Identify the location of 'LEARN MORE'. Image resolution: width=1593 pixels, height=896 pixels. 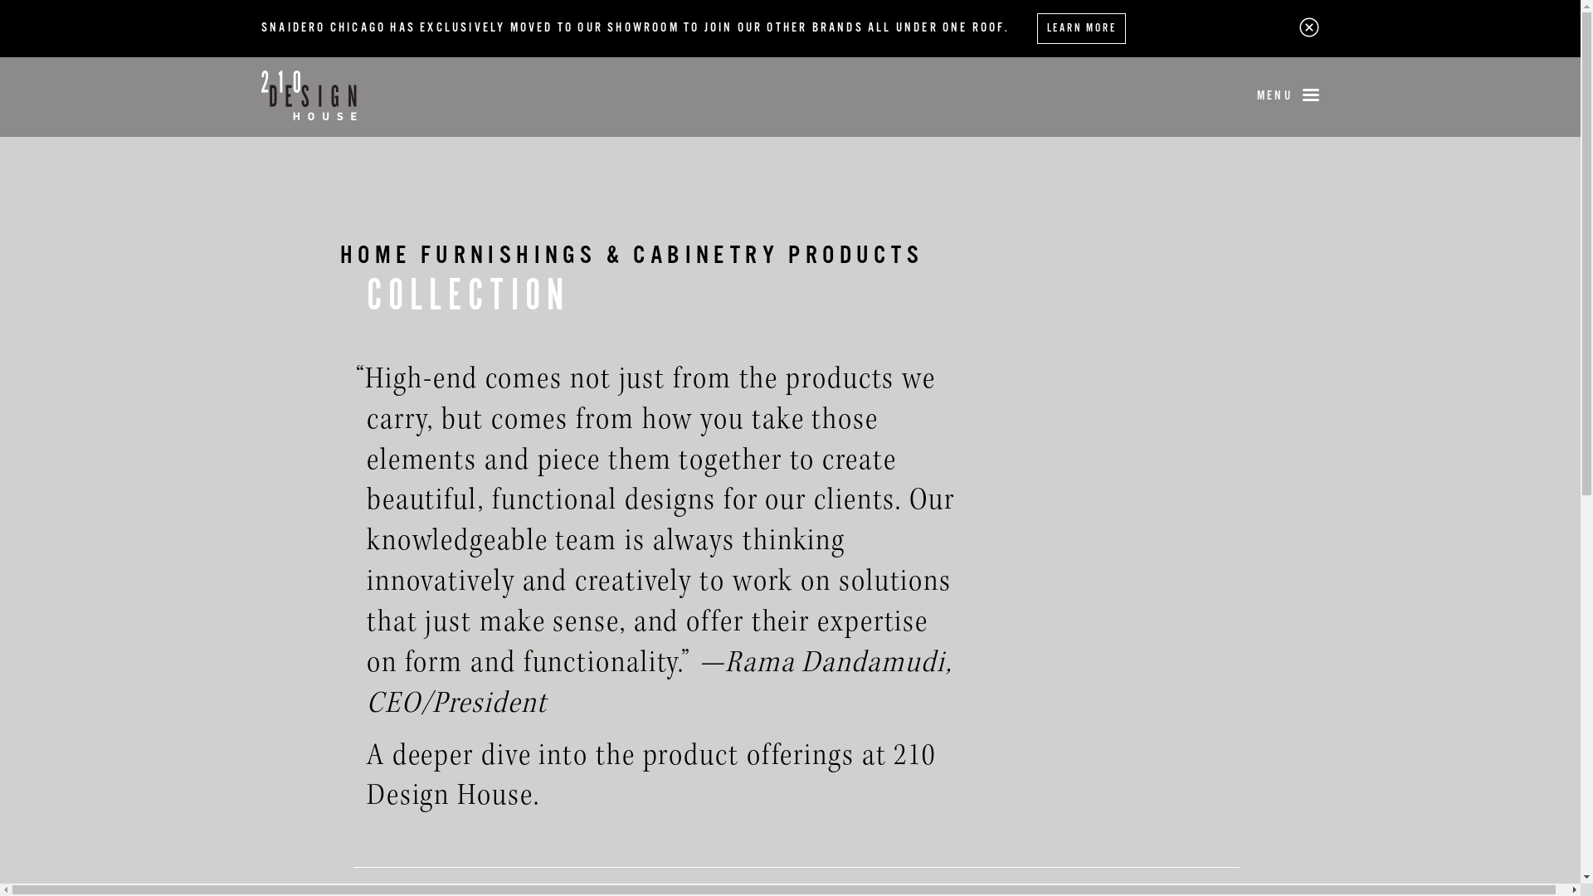
(1081, 28).